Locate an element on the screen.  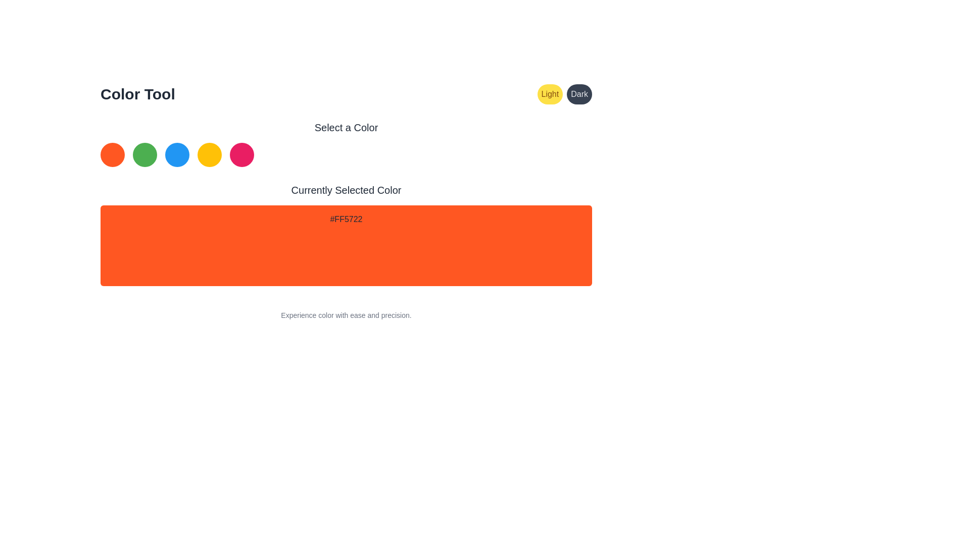
the second circular button in the color selection row is located at coordinates (144, 155).